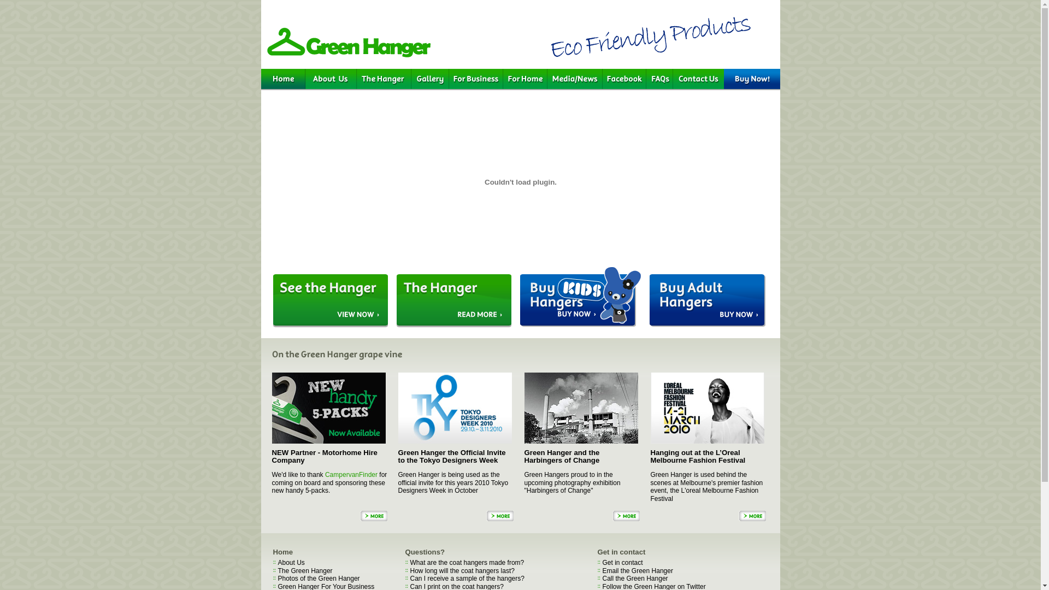 This screenshot has width=1049, height=590. What do you see at coordinates (304, 570) in the screenshot?
I see `'The Green Hanger'` at bounding box center [304, 570].